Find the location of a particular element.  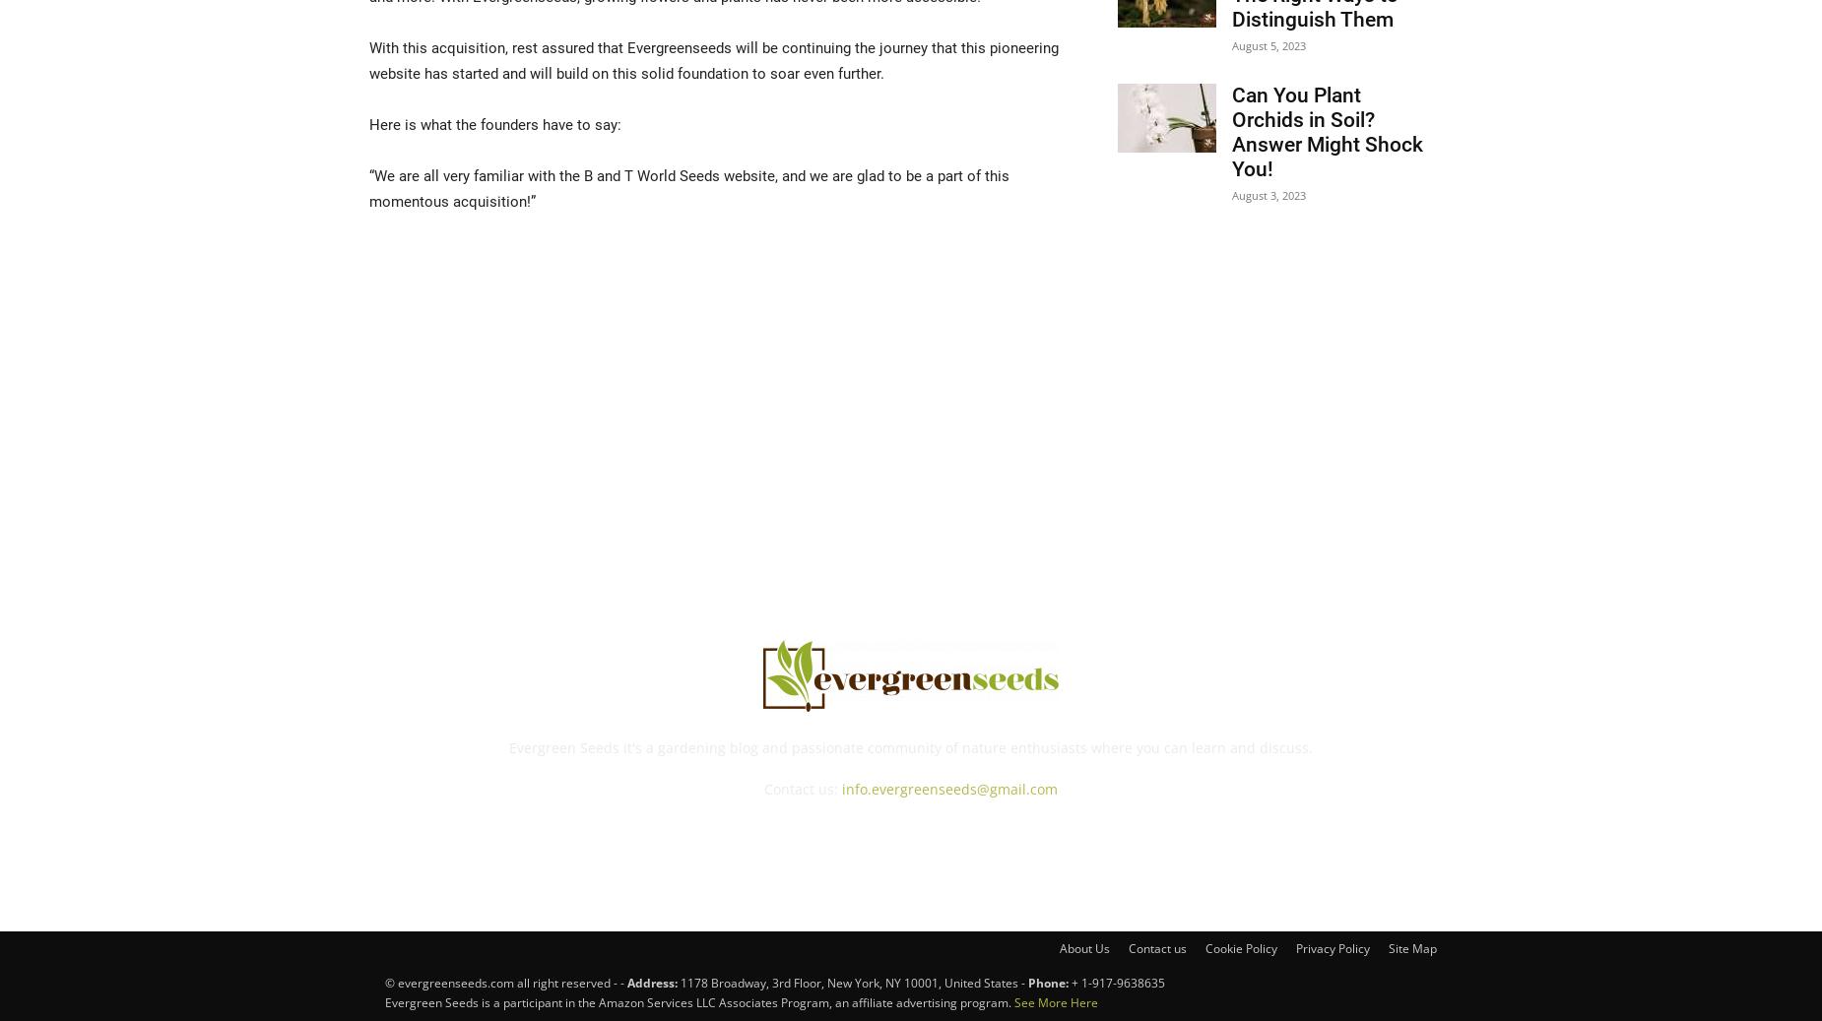

'Contact us:' is located at coordinates (802, 789).